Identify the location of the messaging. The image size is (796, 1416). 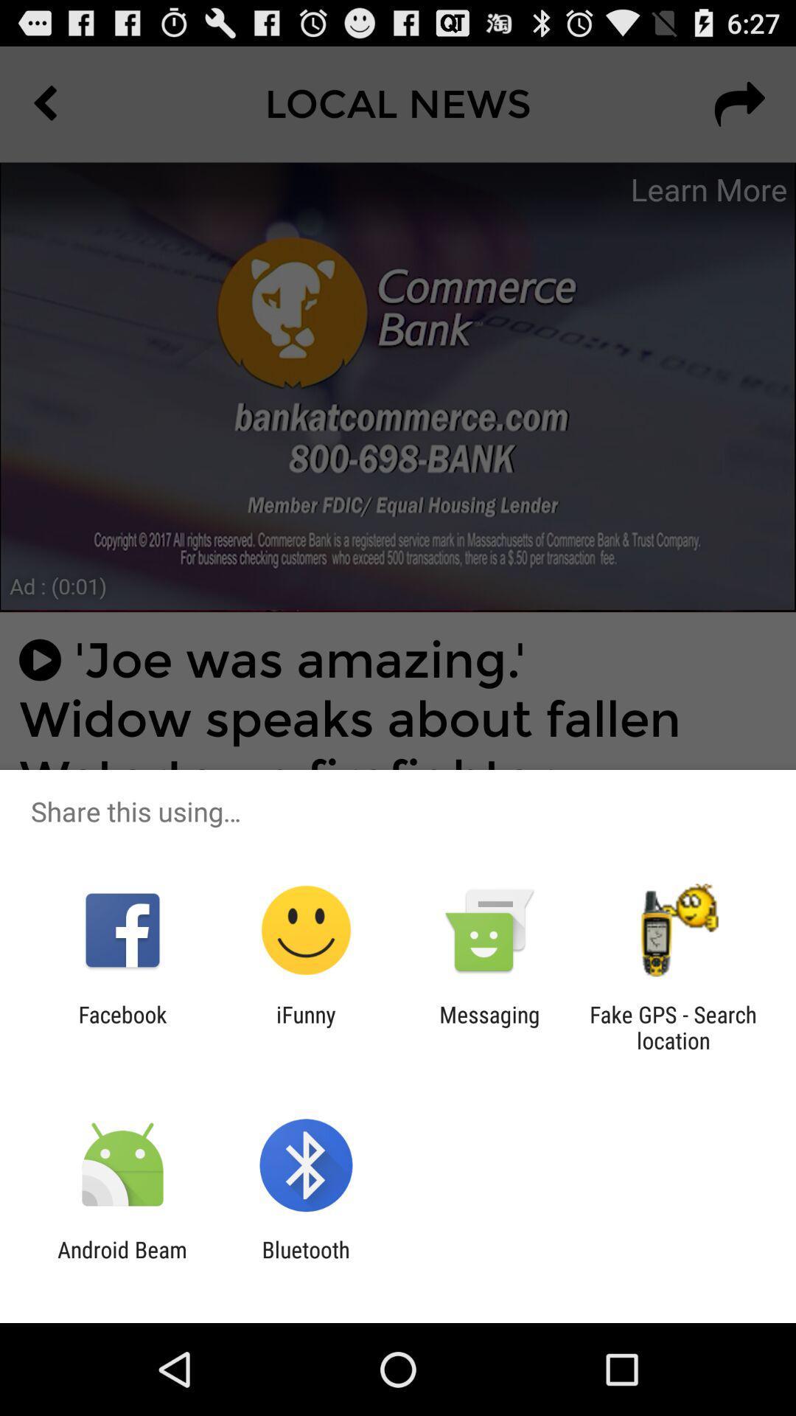
(489, 1027).